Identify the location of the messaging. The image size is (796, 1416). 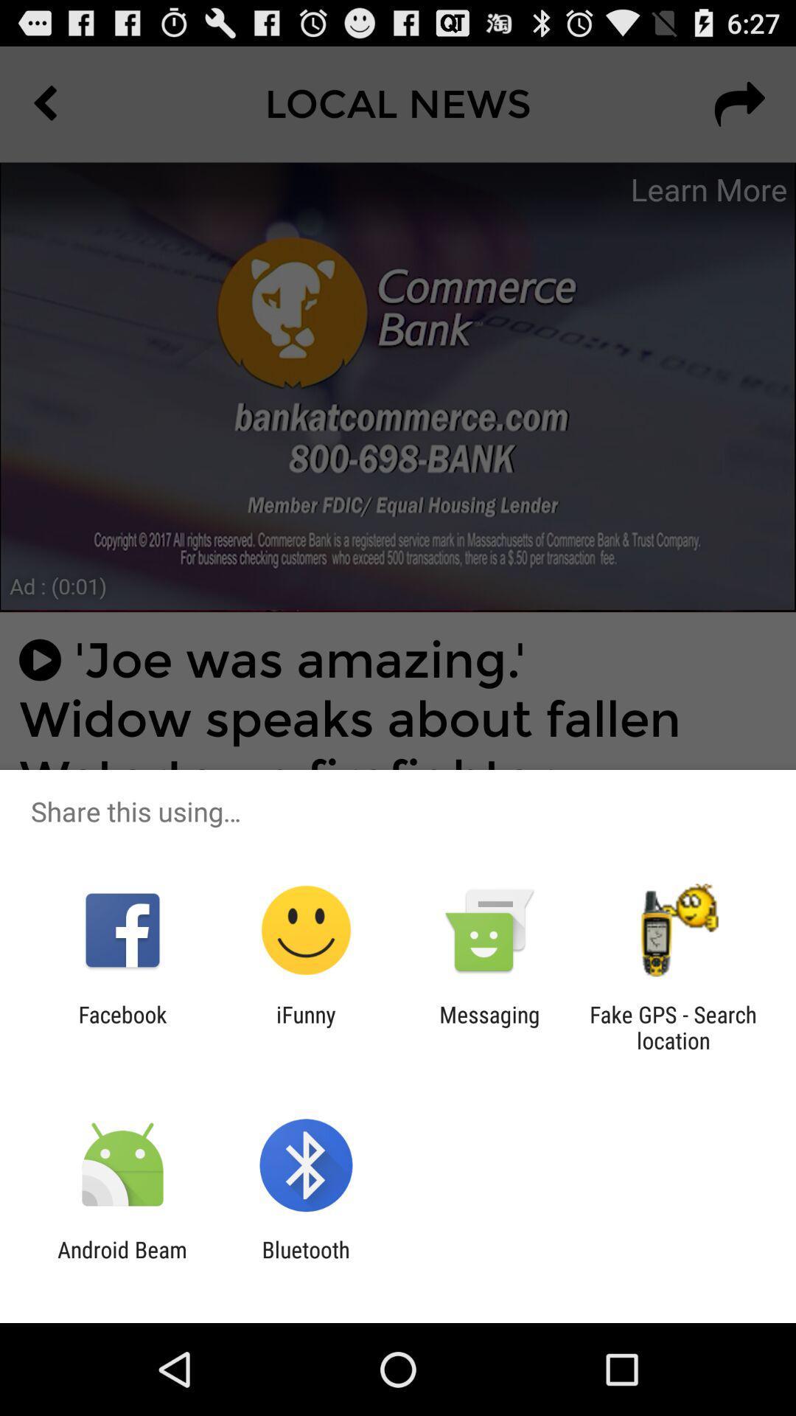
(489, 1027).